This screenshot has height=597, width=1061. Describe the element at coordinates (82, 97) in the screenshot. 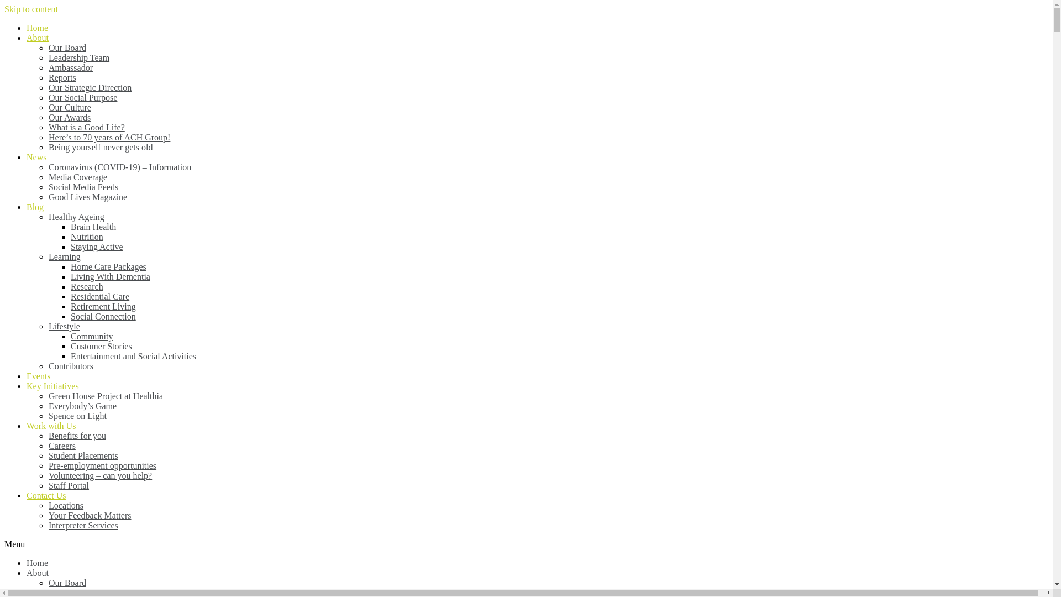

I see `'Our Social Purpose'` at that location.